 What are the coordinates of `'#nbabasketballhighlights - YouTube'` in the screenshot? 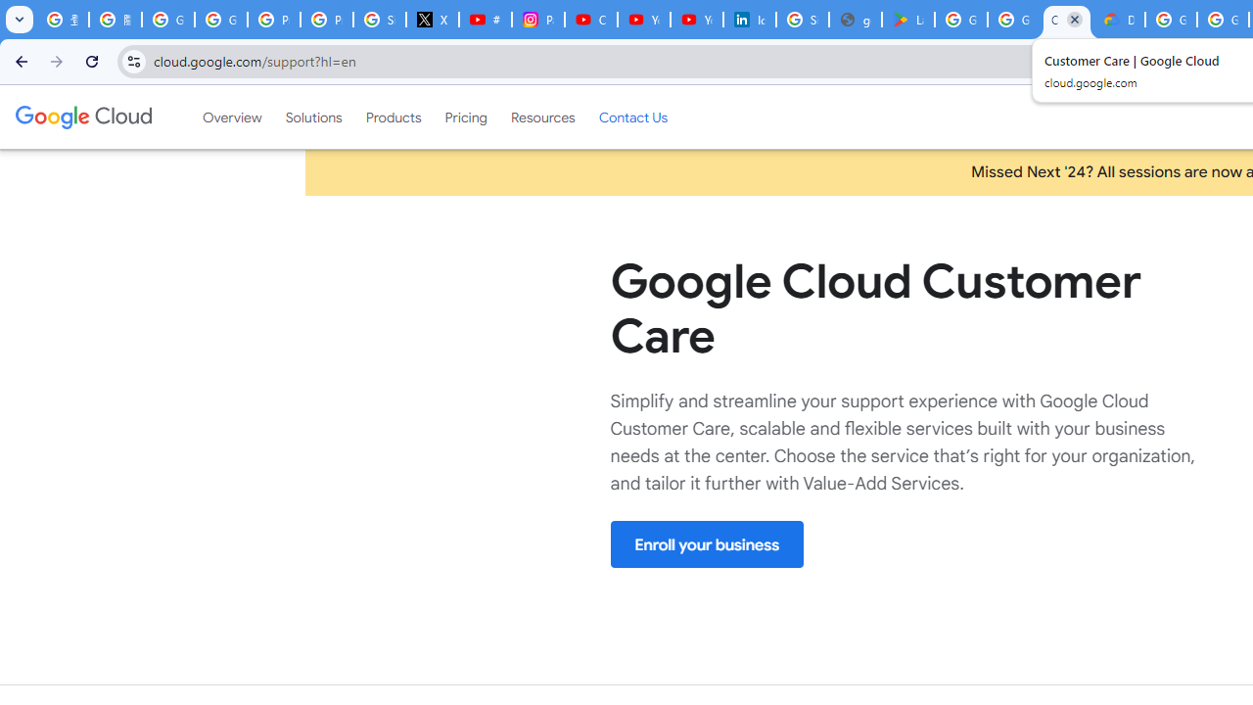 It's located at (486, 20).